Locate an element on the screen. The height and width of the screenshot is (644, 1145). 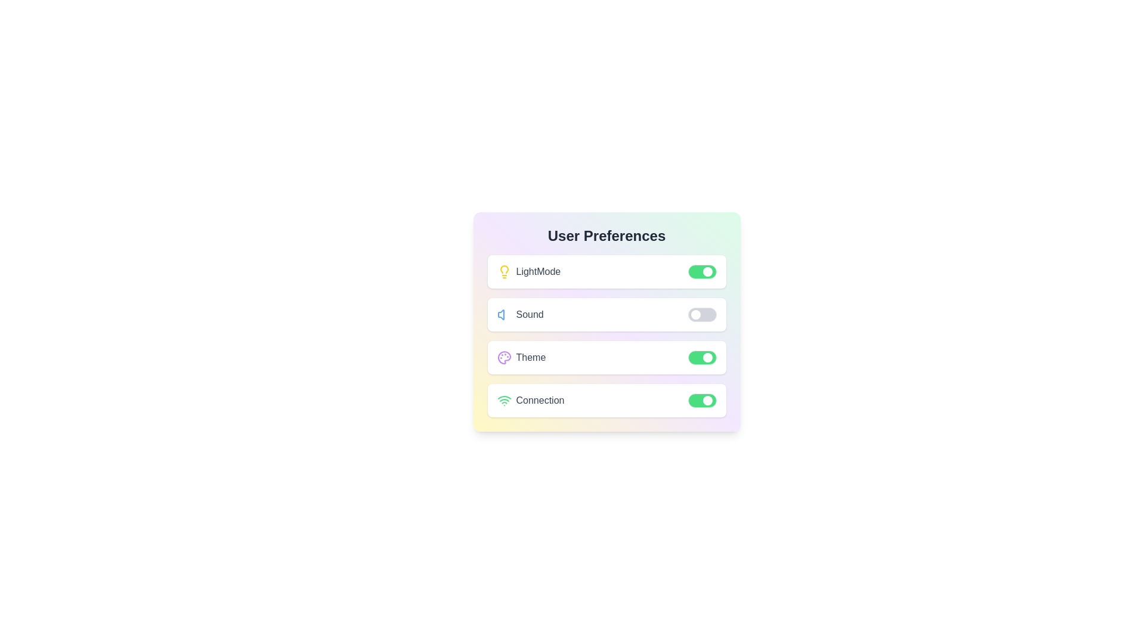
the sound preference icon located in the 'User Preferences' settings panel, which visually indicates sound-related settings is located at coordinates (504, 314).